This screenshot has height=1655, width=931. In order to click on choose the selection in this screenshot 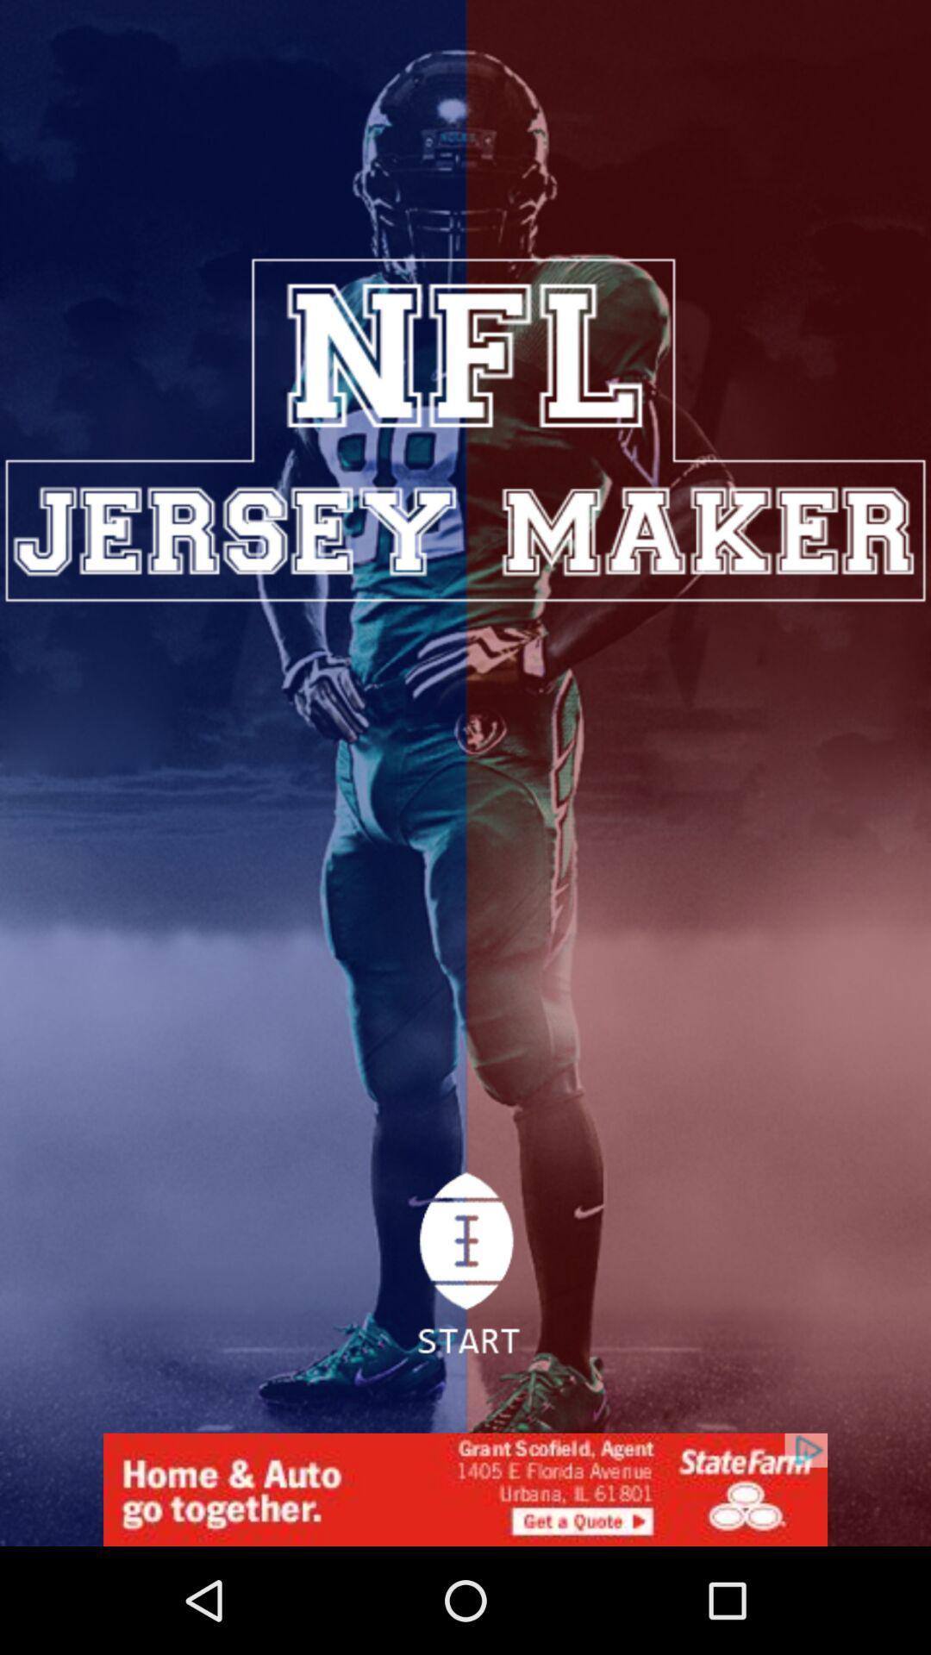, I will do `click(464, 1273)`.